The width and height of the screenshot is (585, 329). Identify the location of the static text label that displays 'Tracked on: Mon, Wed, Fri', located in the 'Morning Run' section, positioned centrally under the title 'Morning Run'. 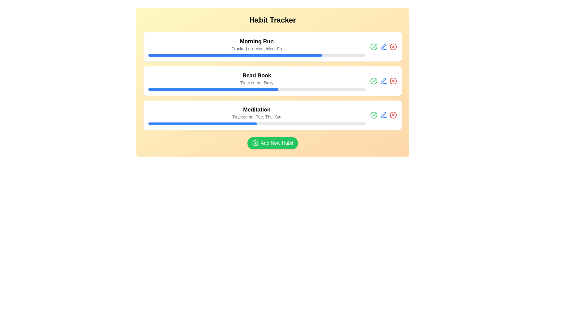
(257, 48).